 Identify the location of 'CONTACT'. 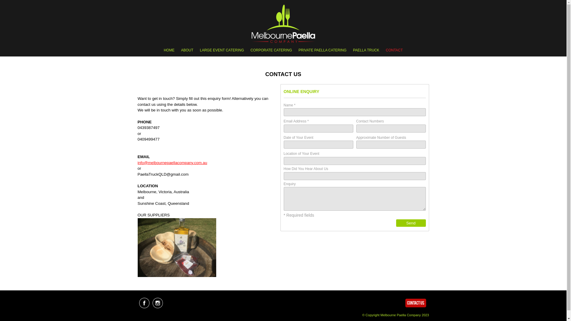
(382, 50).